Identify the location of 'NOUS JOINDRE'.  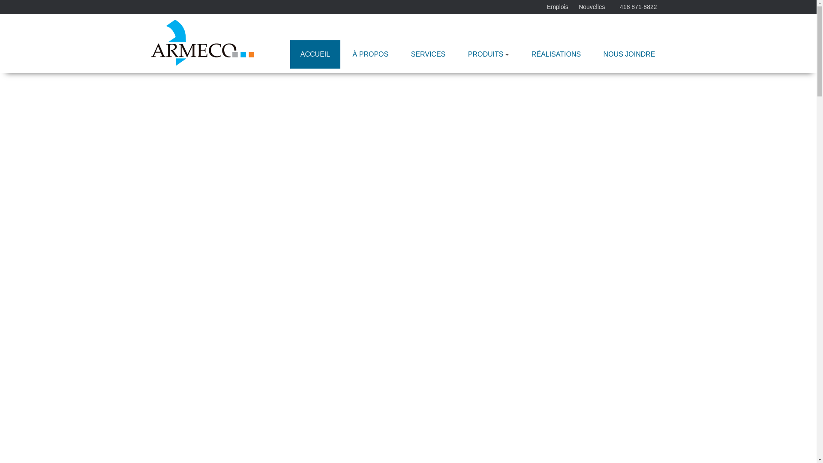
(629, 54).